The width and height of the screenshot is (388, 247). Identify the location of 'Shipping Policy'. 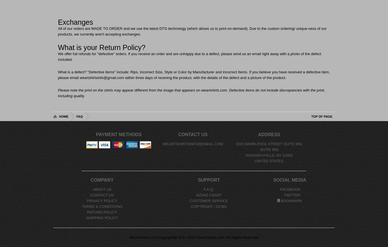
(101, 218).